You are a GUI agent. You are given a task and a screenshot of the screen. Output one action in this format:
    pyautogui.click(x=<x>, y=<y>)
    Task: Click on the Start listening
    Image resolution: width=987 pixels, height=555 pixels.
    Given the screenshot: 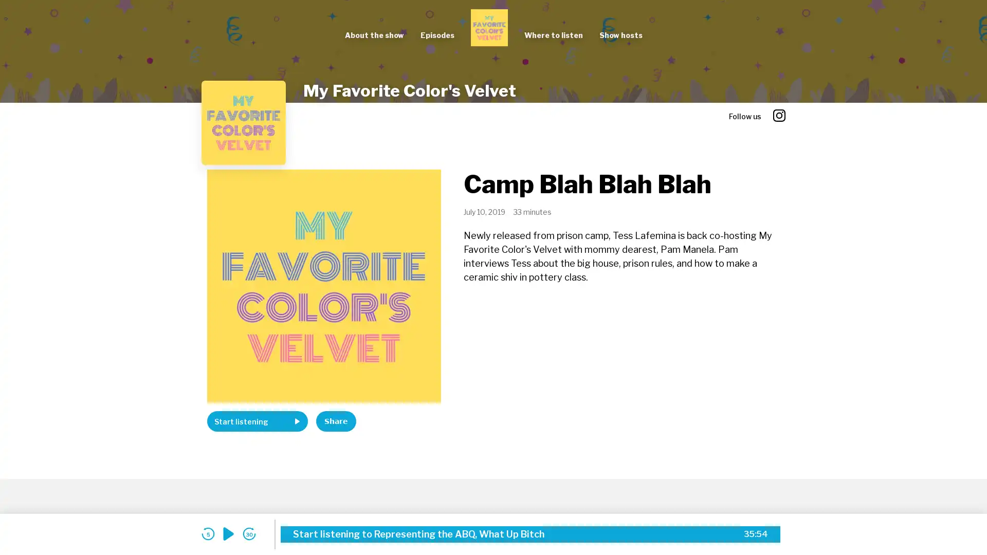 What is the action you would take?
    pyautogui.click(x=257, y=421)
    